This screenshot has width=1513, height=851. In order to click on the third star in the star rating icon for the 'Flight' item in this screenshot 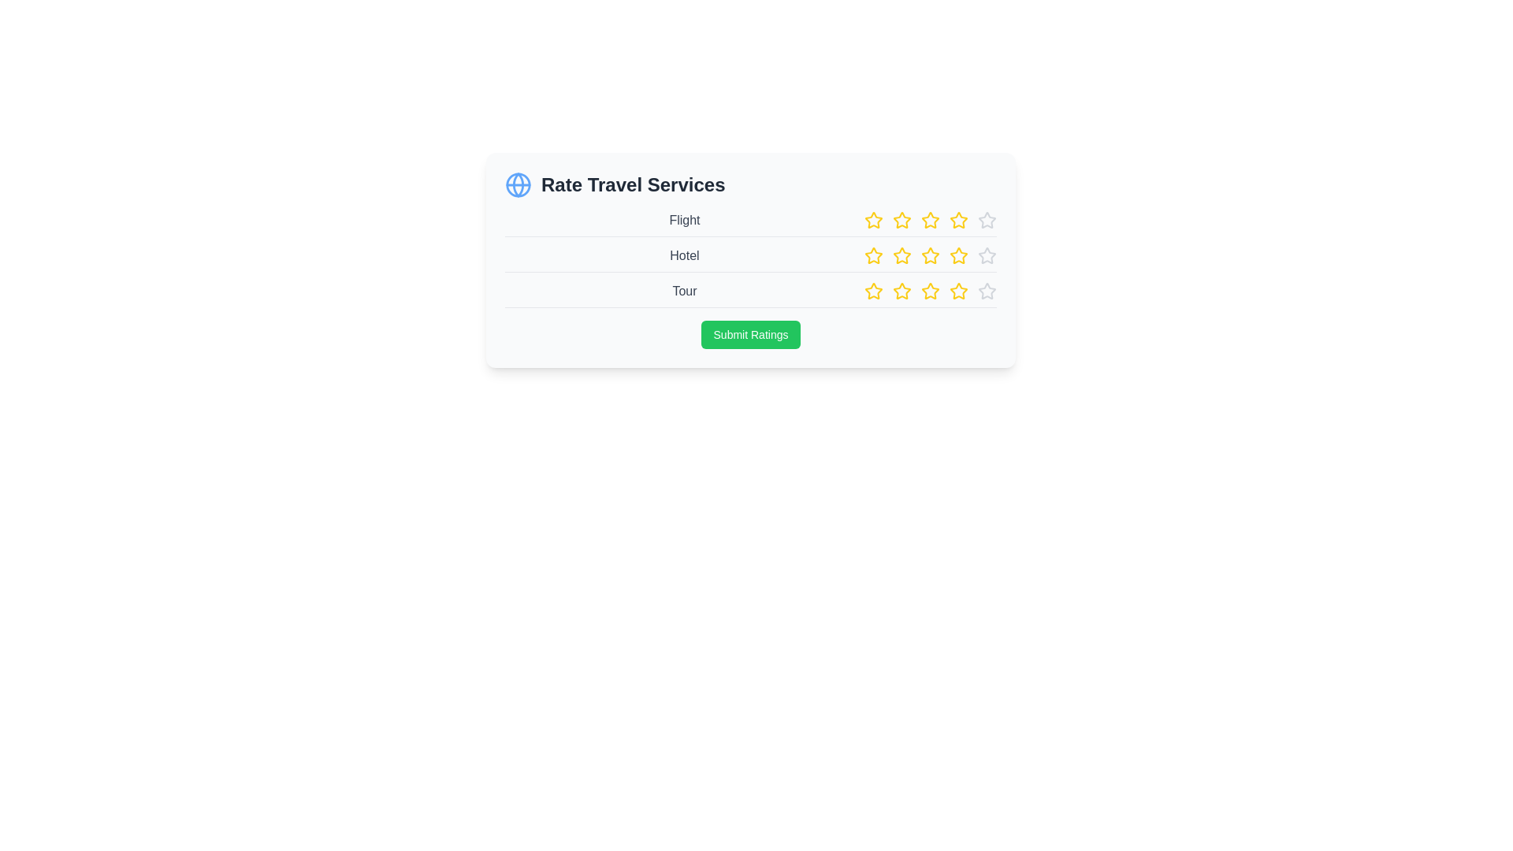, I will do `click(902, 221)`.